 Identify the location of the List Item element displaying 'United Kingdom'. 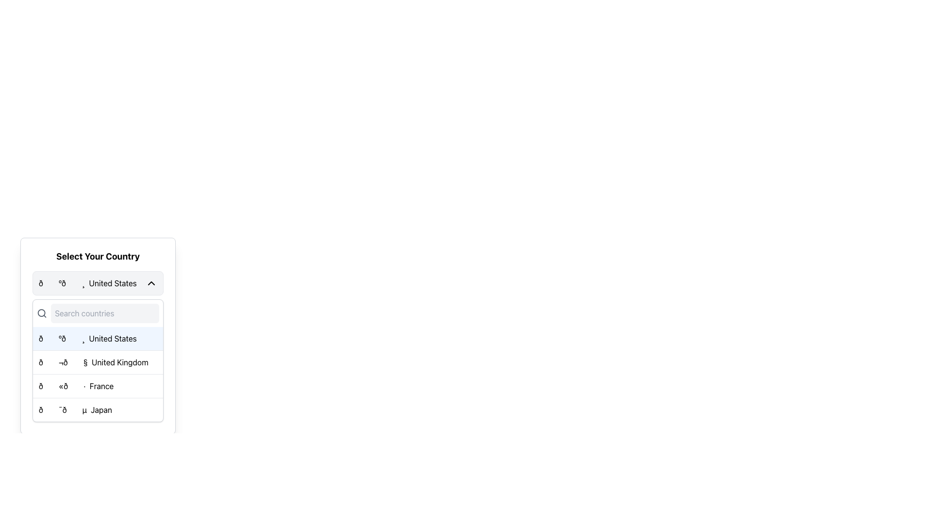
(98, 361).